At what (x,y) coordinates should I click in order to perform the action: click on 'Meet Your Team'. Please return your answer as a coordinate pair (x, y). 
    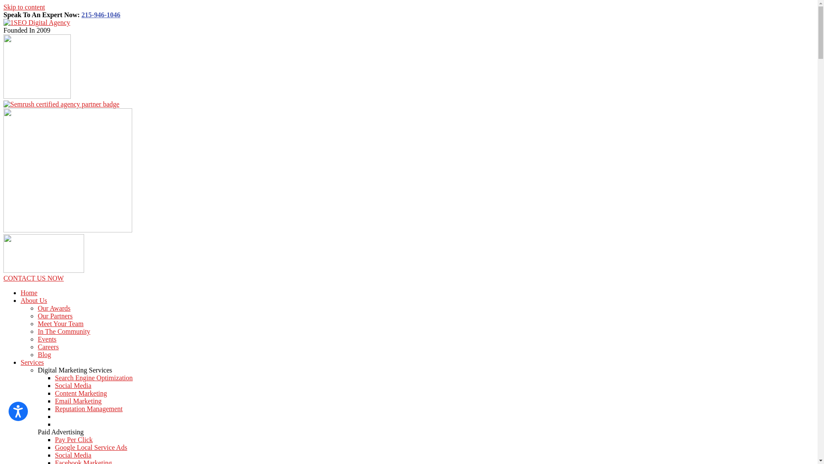
    Looking at the image, I should click on (37, 324).